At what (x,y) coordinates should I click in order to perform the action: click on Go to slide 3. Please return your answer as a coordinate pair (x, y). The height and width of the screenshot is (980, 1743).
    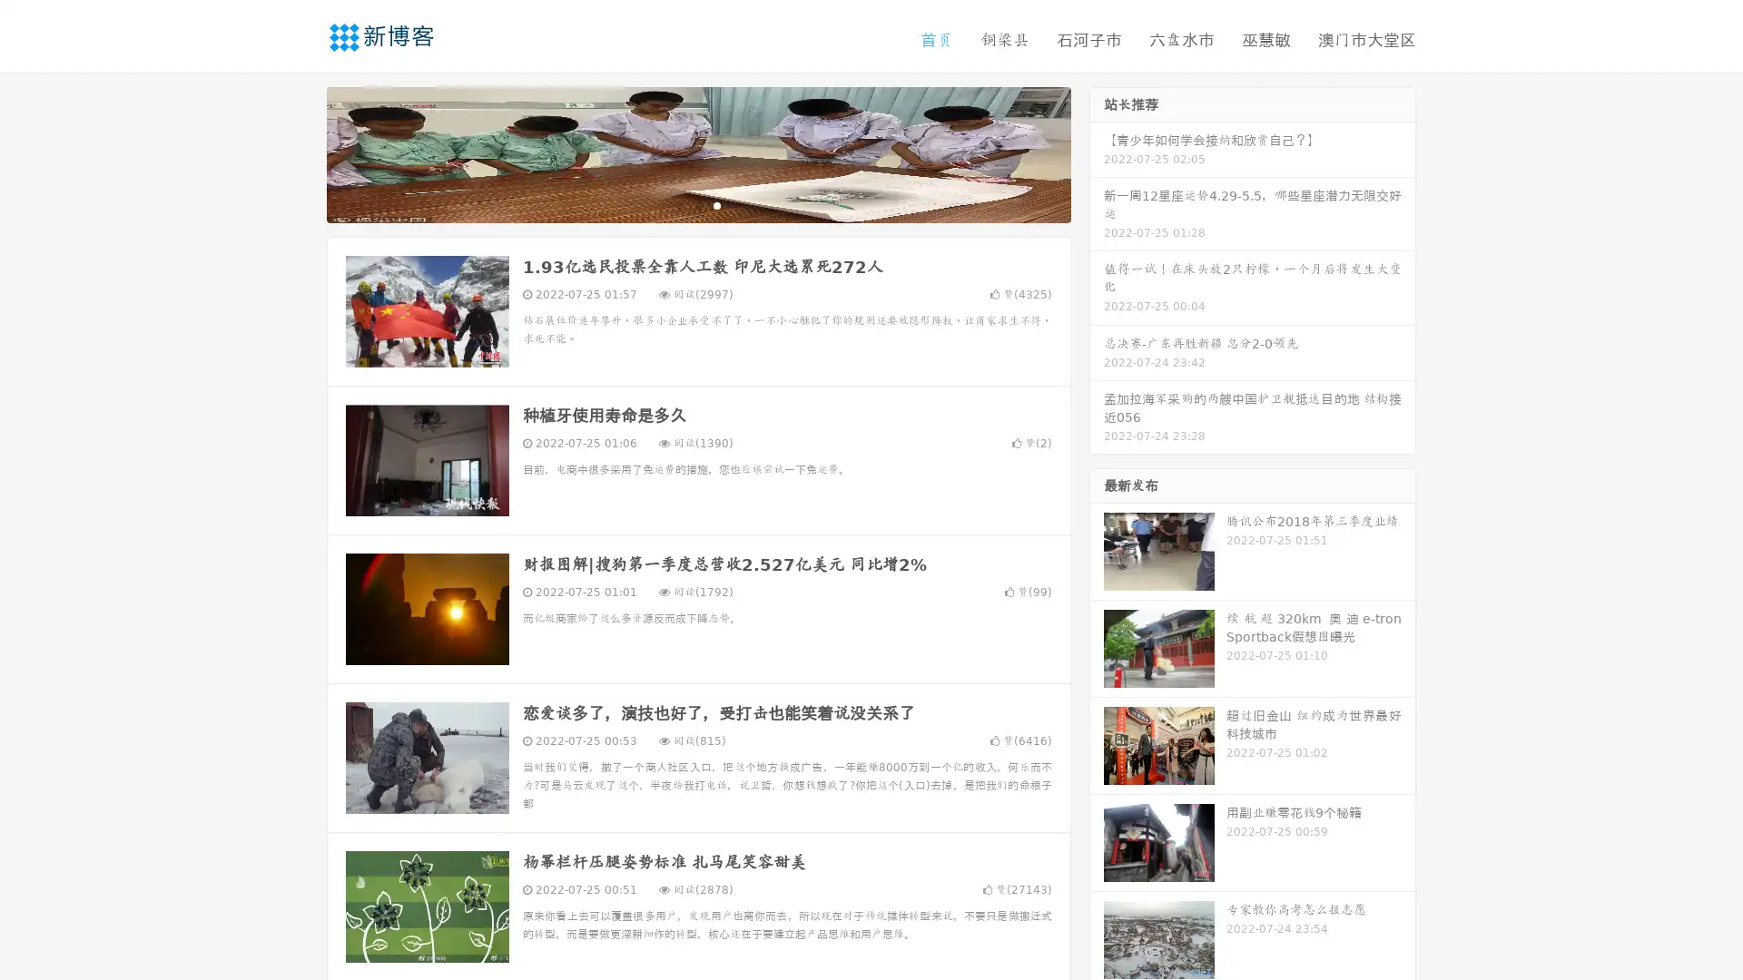
    Looking at the image, I should click on (716, 204).